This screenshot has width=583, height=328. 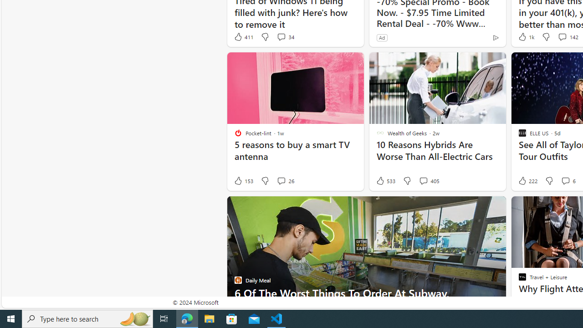 What do you see at coordinates (281, 36) in the screenshot?
I see `'View comments 34 Comment'` at bounding box center [281, 36].